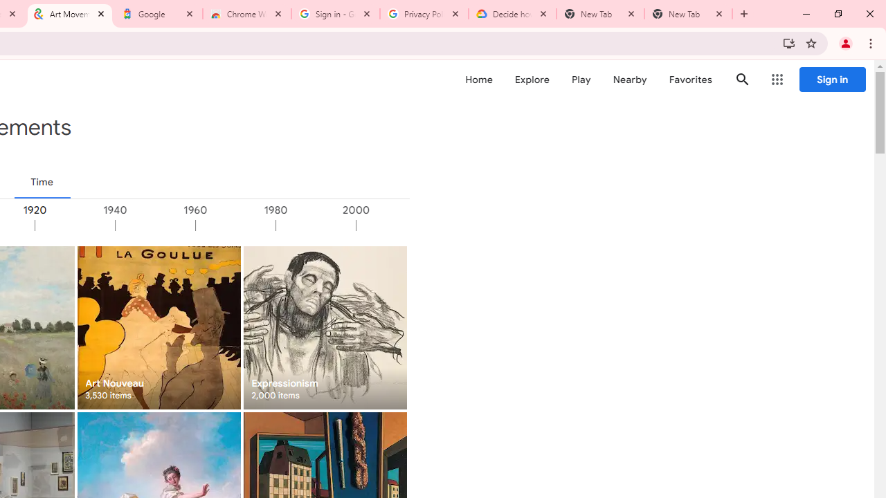  Describe the element at coordinates (324, 327) in the screenshot. I see `'Expressionism 2,000 items'` at that location.